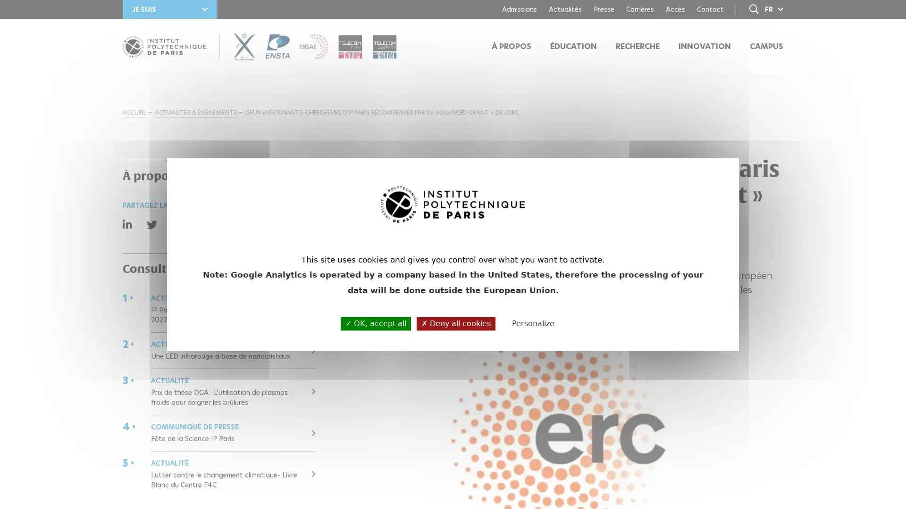 The width and height of the screenshot is (906, 509). Describe the element at coordinates (375, 323) in the screenshot. I see `OK, accept all` at that location.